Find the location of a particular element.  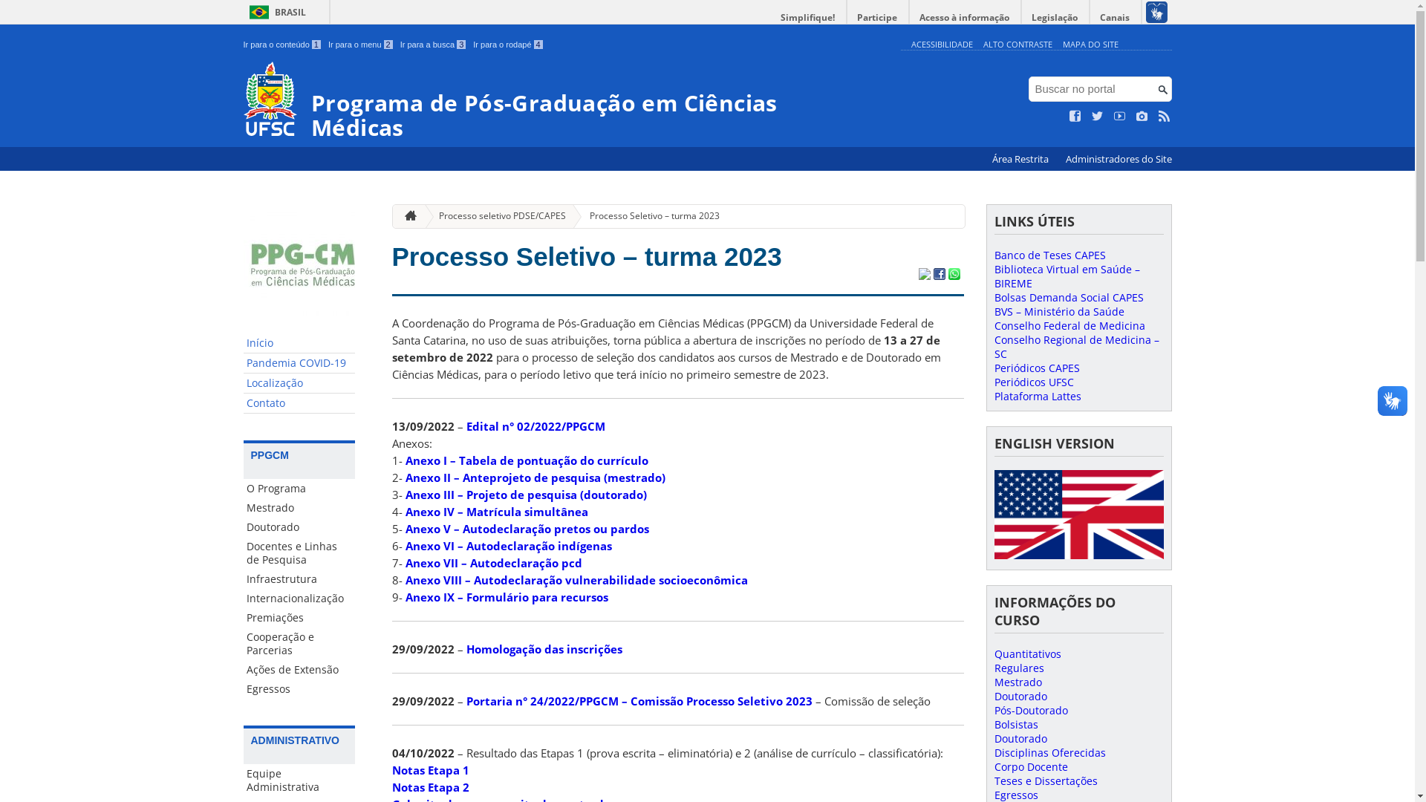

'Ir para o menu 2' is located at coordinates (327, 44).